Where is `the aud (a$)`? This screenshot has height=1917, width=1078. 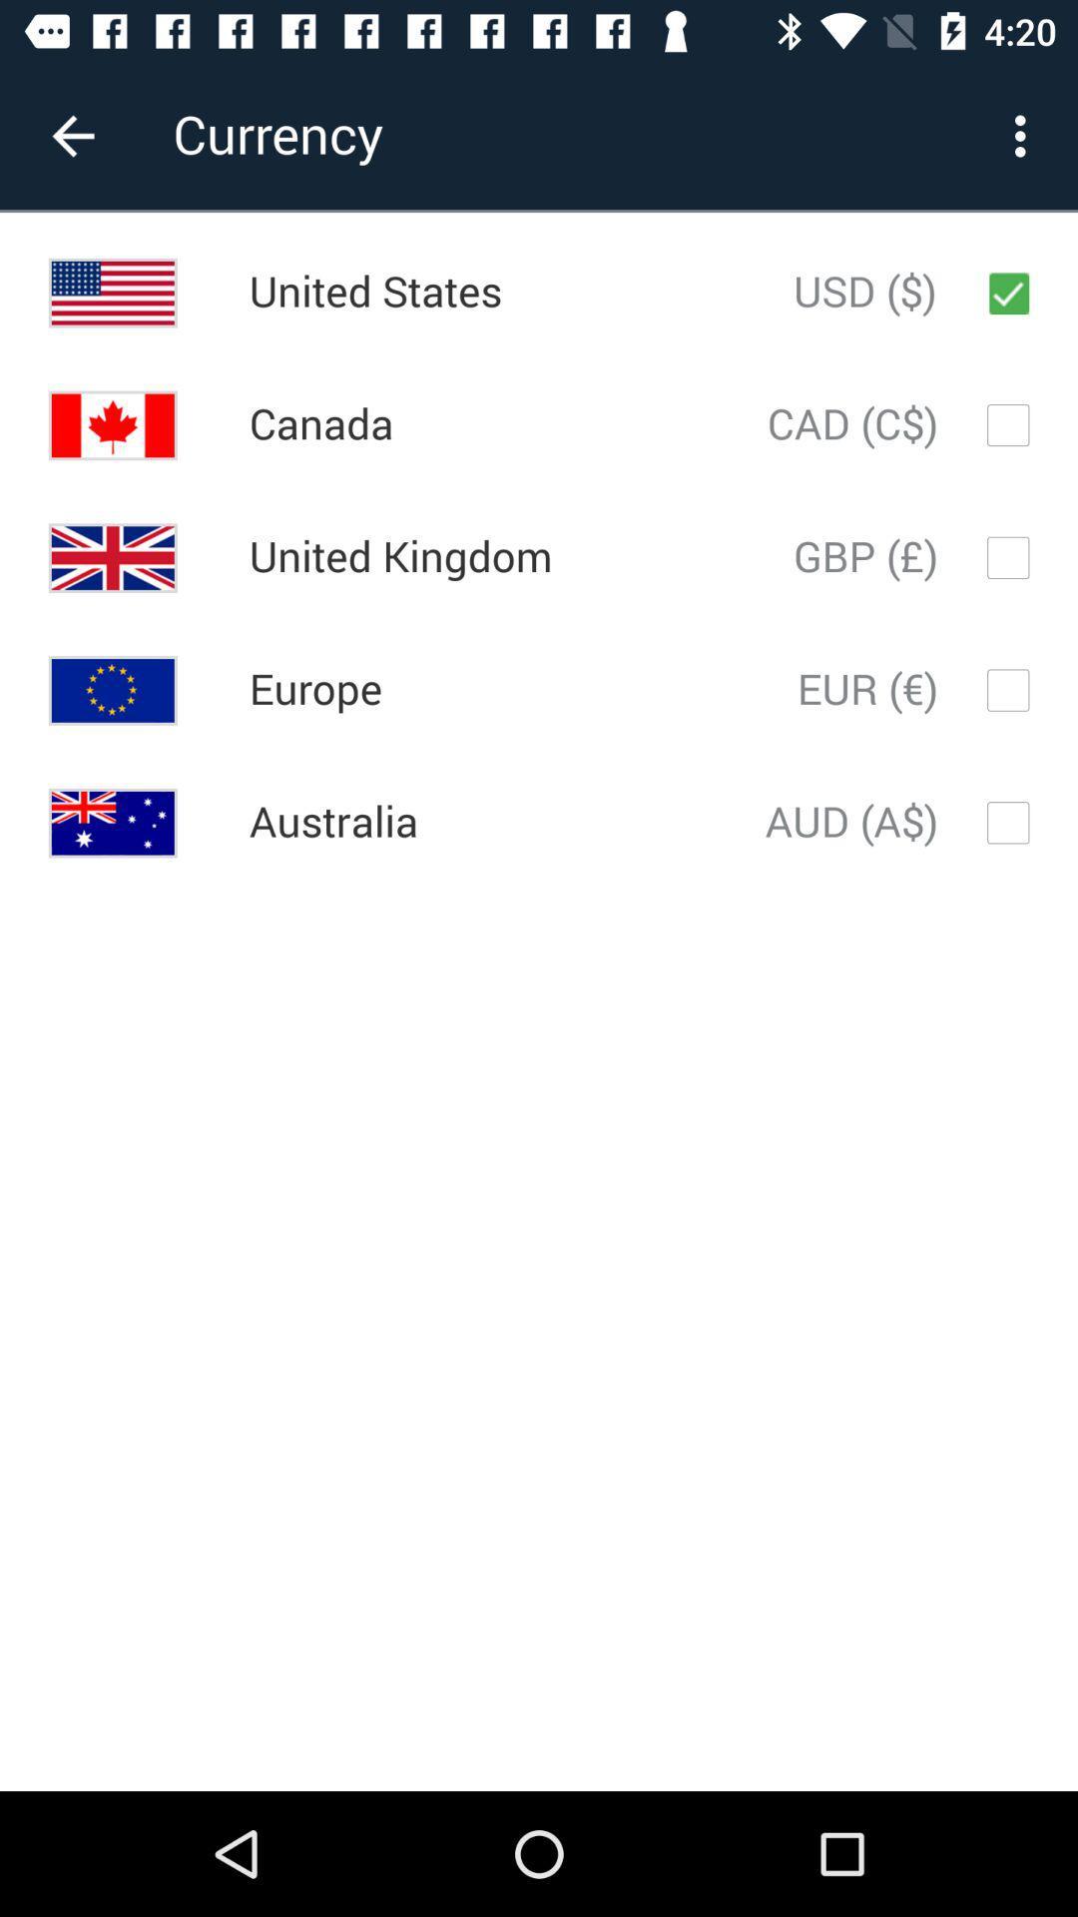
the aud (a$) is located at coordinates (851, 823).